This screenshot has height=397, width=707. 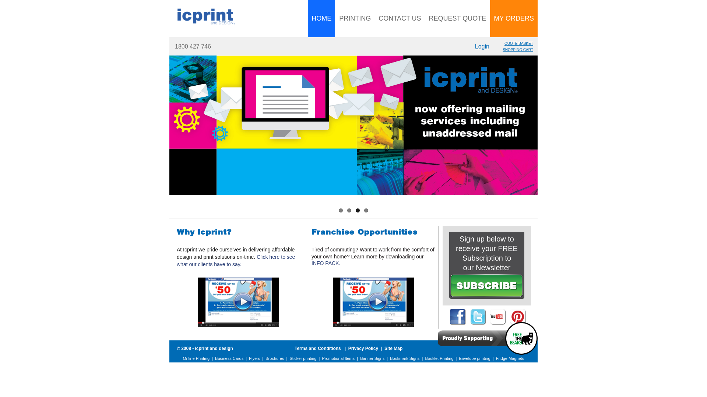 I want to click on 'CONTACT US', so click(x=374, y=18).